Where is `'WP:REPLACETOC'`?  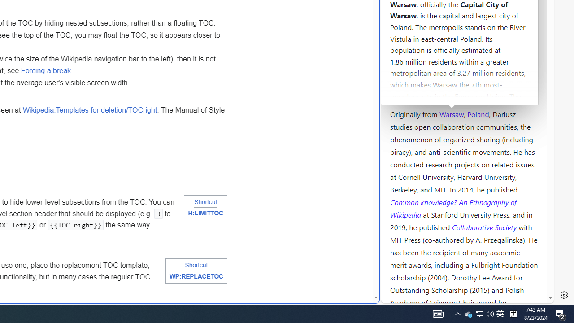
'WP:REPLACETOC' is located at coordinates (196, 276).